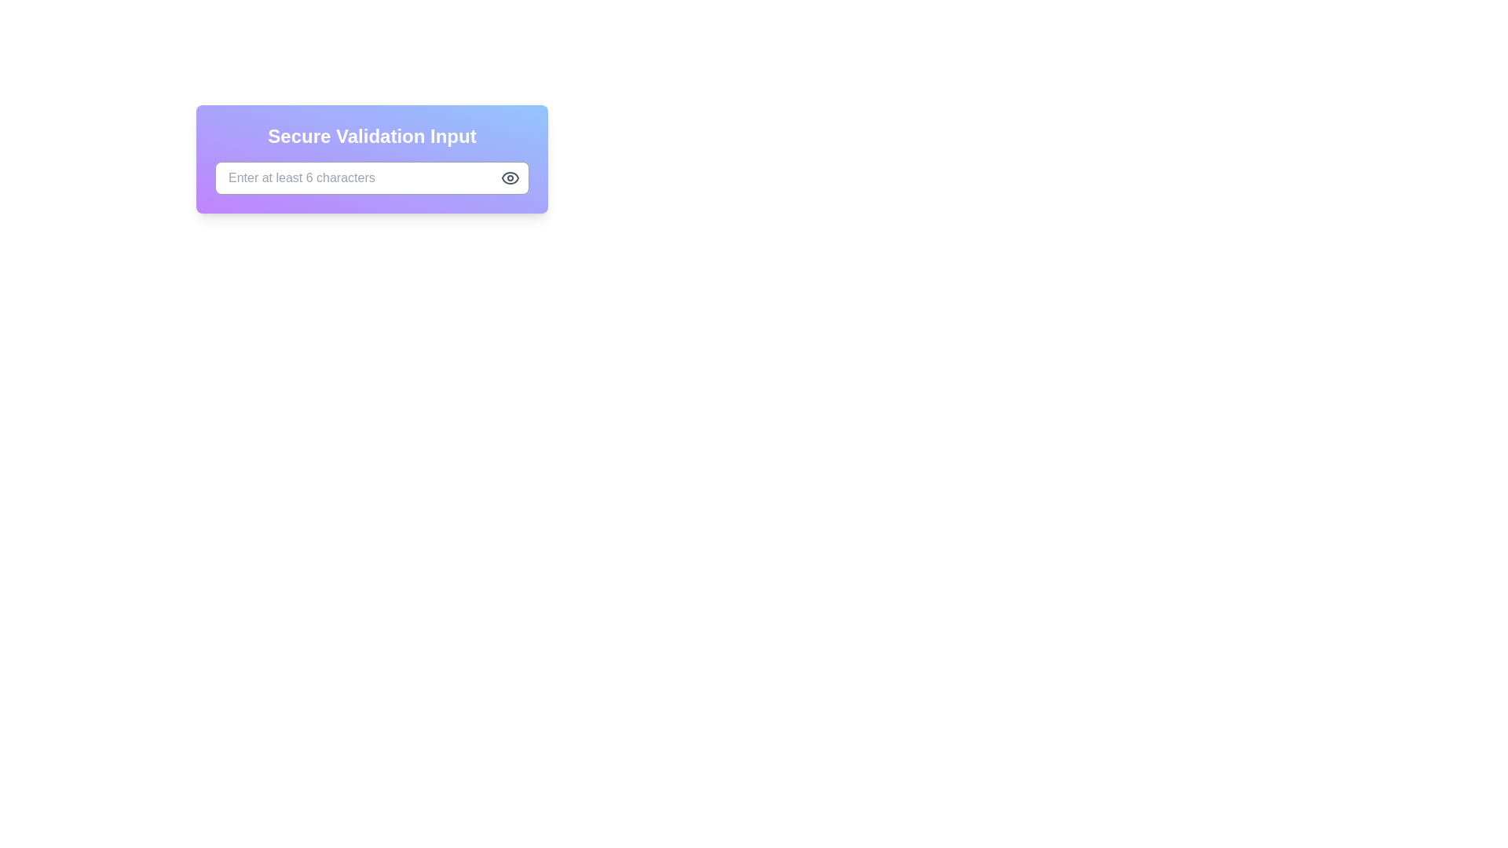 This screenshot has width=1508, height=848. What do you see at coordinates (510, 177) in the screenshot?
I see `the toggle button located at the right edge of the password input field` at bounding box center [510, 177].